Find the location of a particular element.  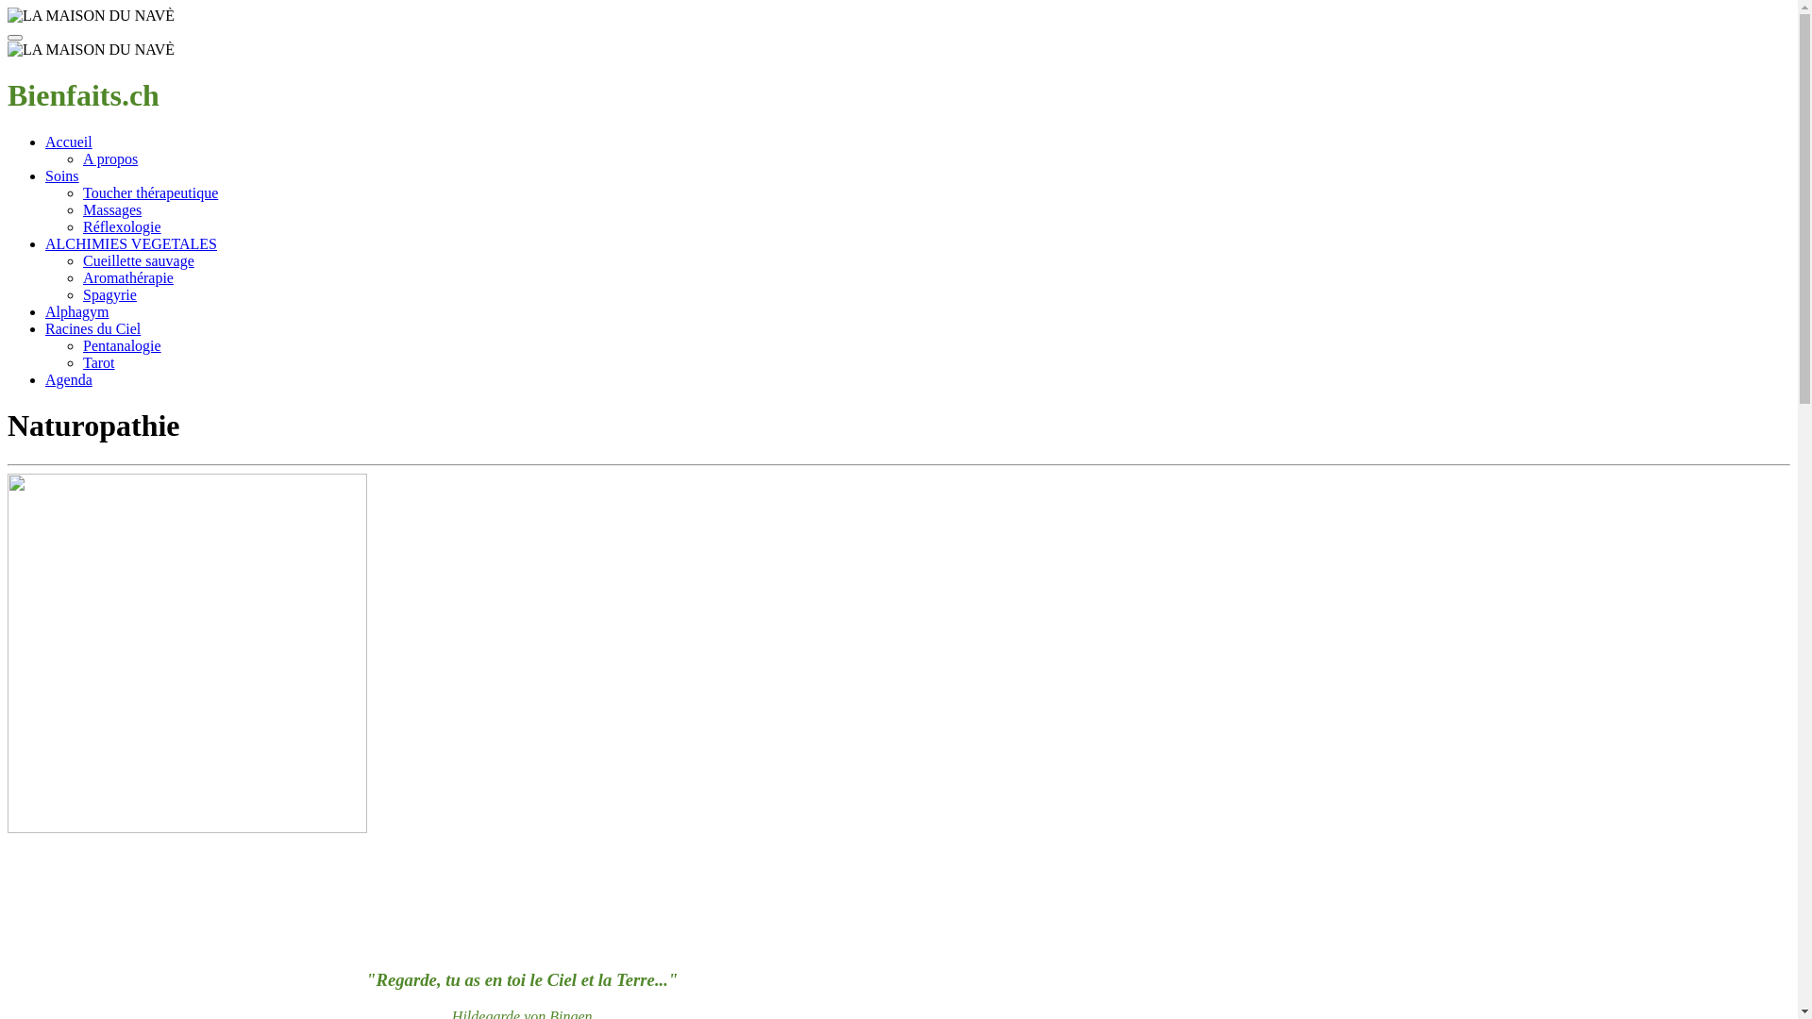

'A propos' is located at coordinates (81, 158).